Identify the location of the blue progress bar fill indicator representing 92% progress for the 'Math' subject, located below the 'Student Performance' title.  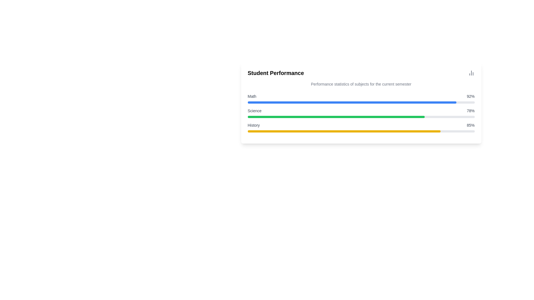
(352, 102).